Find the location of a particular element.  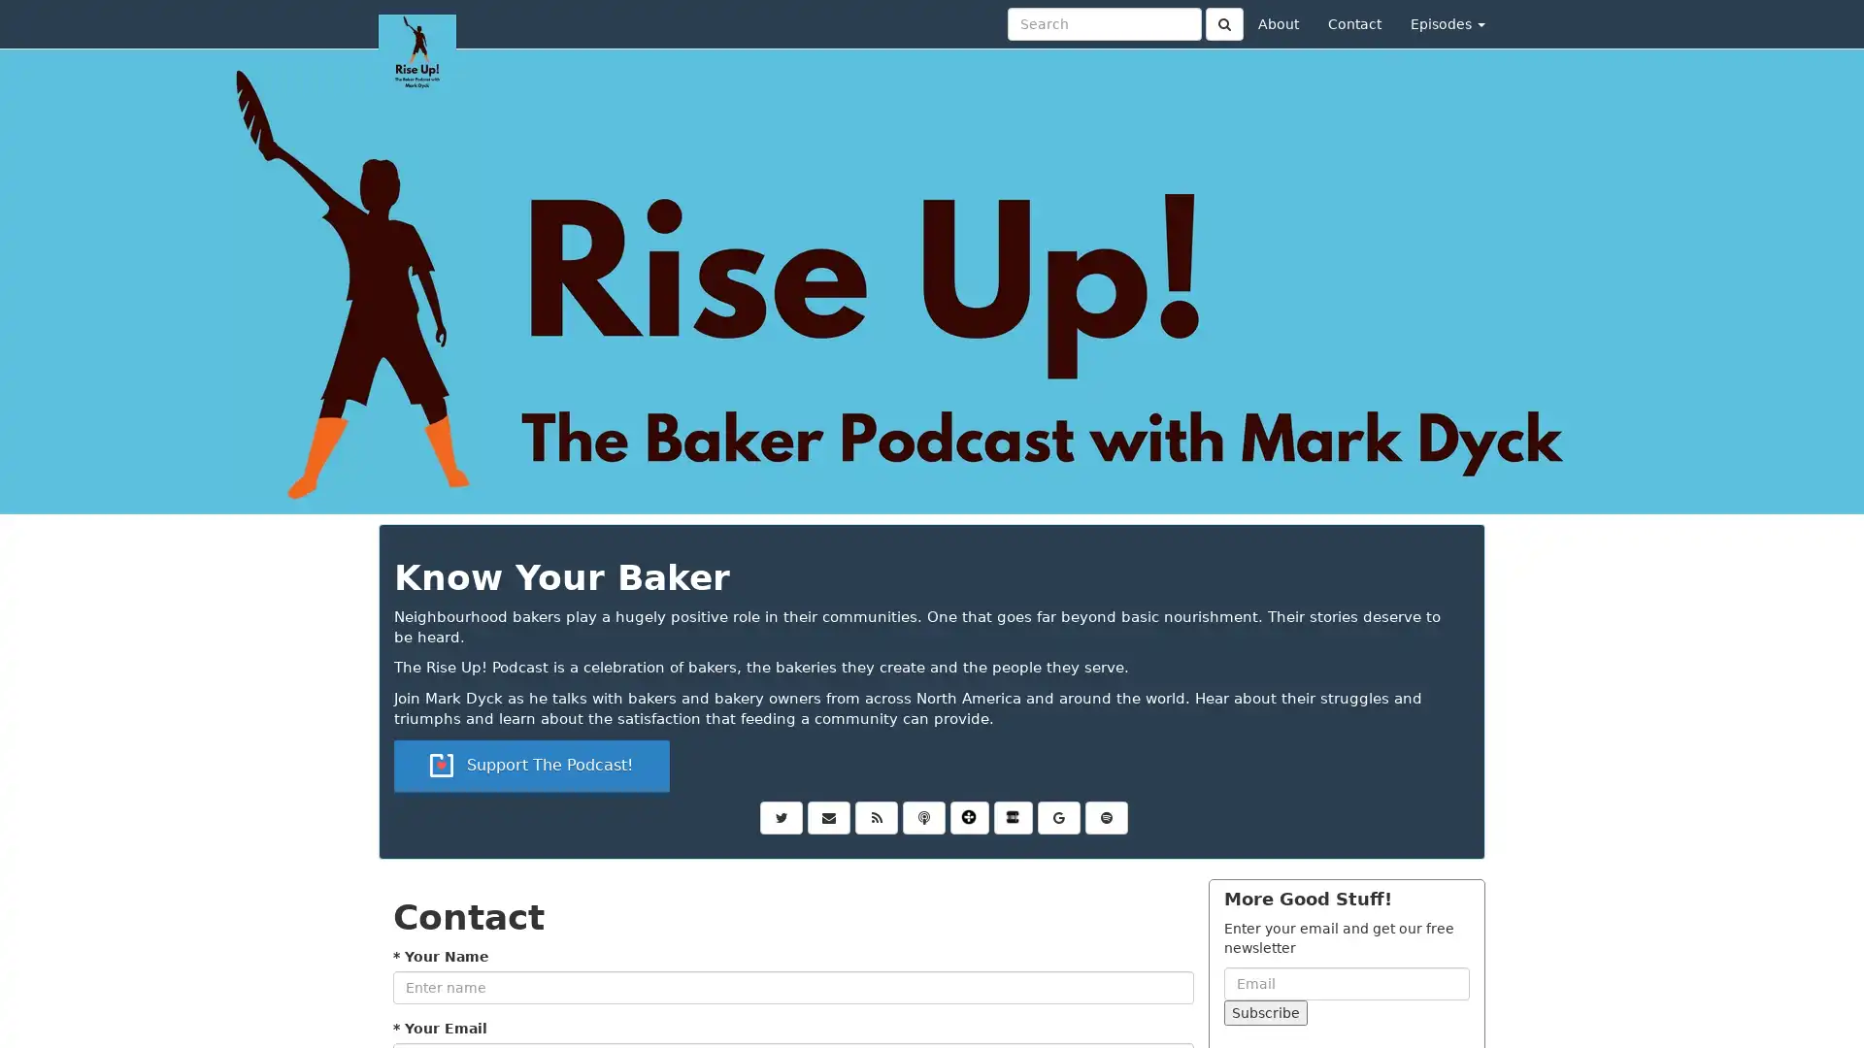

Click to submit search is located at coordinates (1223, 23).